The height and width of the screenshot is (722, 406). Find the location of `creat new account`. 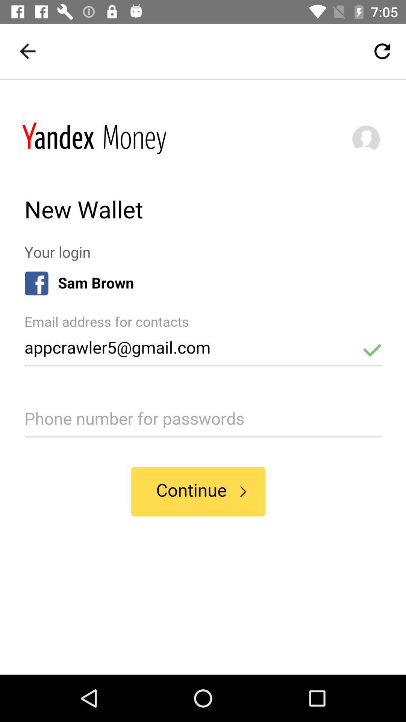

creat new account is located at coordinates (203, 377).